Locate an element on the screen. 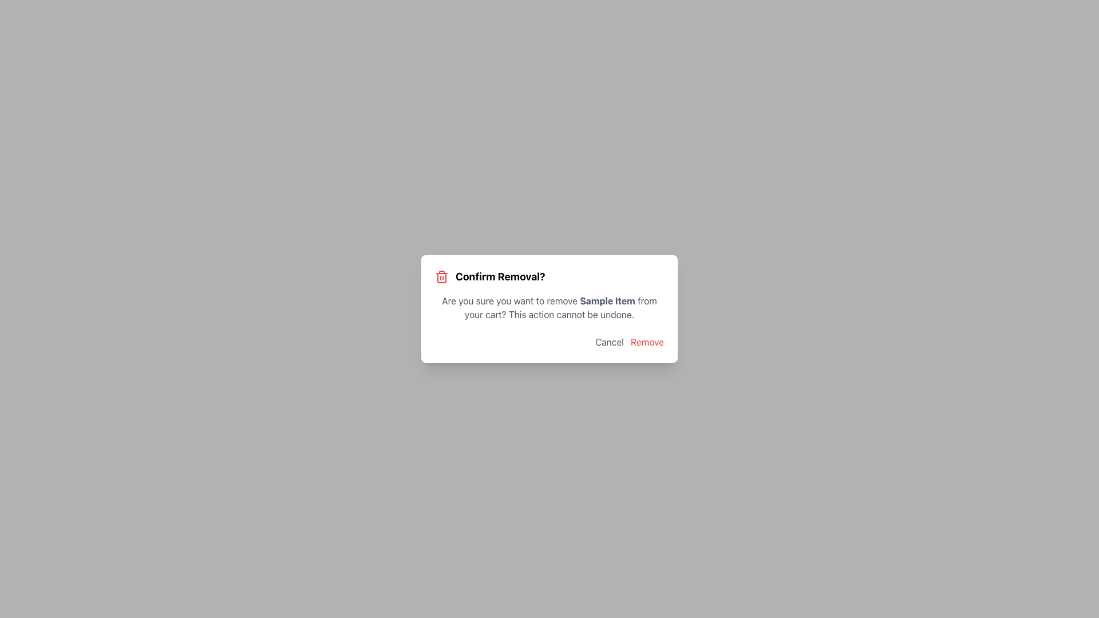 Image resolution: width=1099 pixels, height=618 pixels. the red 'Remove' button located in the bottom-right corner of the dialog box to confirm removal is located at coordinates (647, 341).